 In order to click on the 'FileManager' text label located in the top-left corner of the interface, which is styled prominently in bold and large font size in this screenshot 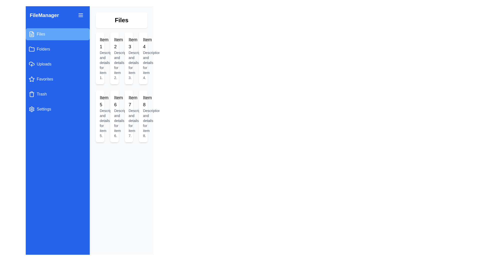, I will do `click(44, 15)`.